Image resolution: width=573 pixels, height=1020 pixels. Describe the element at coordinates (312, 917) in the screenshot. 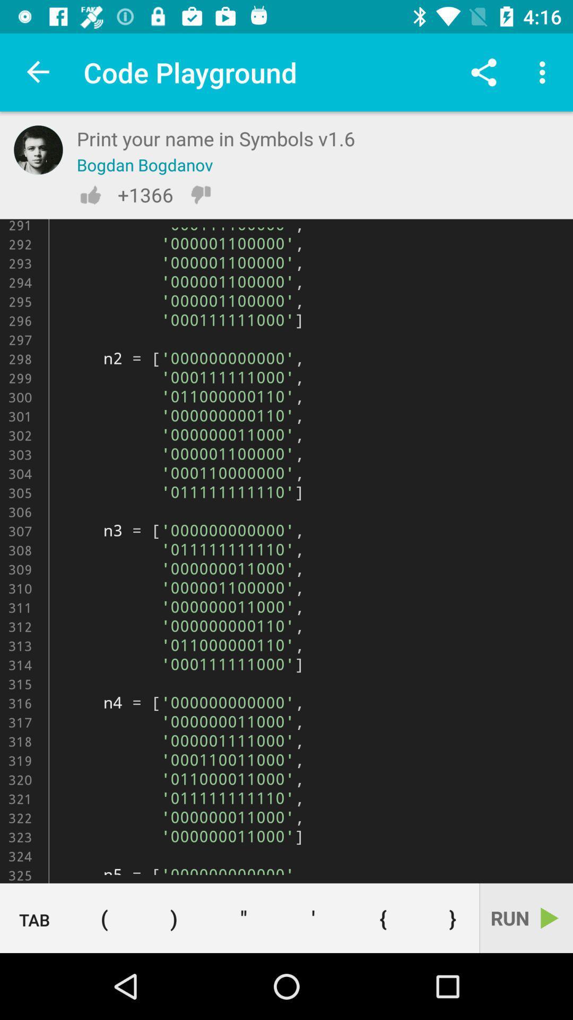

I see `icon` at that location.